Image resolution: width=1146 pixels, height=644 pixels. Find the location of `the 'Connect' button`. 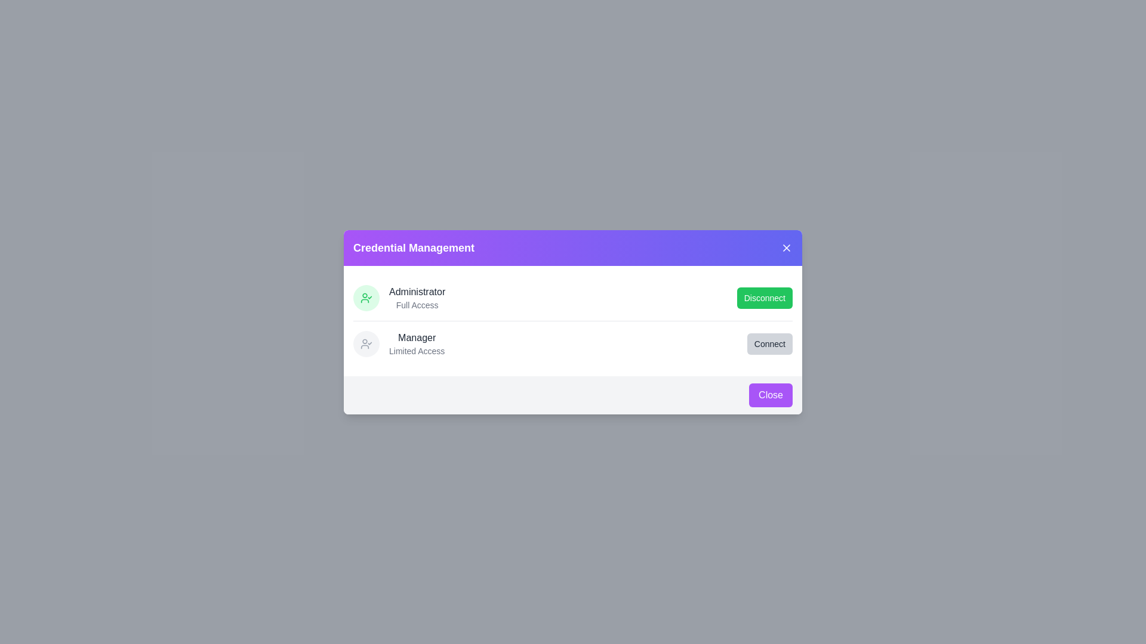

the 'Connect' button is located at coordinates (769, 343).